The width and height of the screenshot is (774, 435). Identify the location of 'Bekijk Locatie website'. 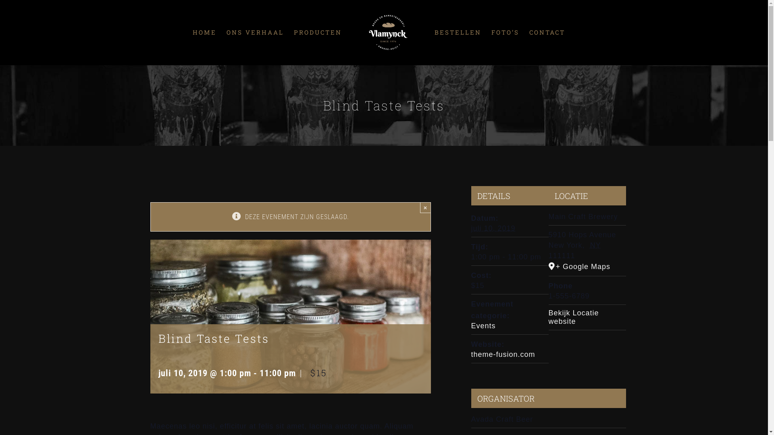
(573, 317).